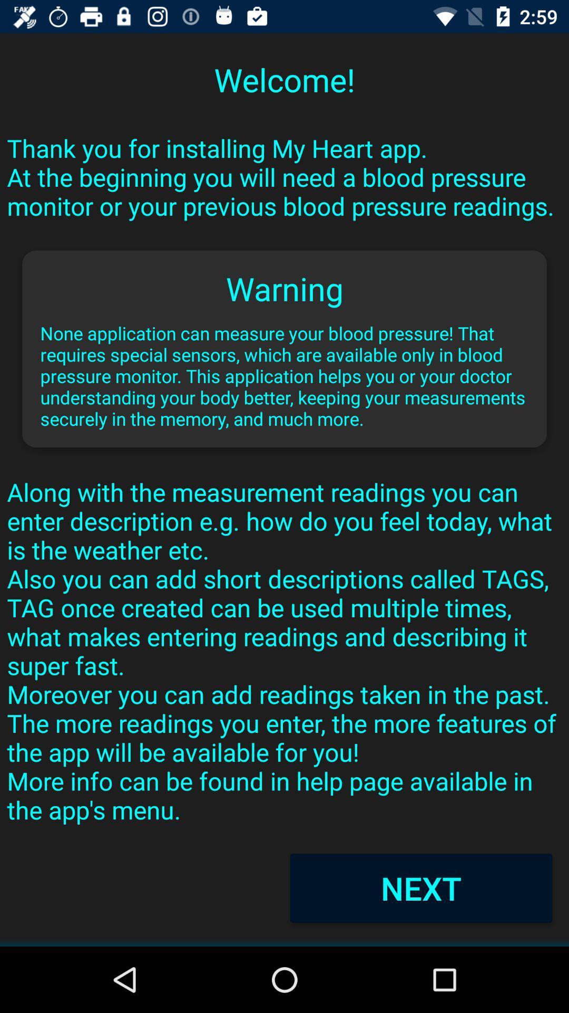 The width and height of the screenshot is (569, 1013). Describe the element at coordinates (420, 887) in the screenshot. I see `the item below along with the item` at that location.